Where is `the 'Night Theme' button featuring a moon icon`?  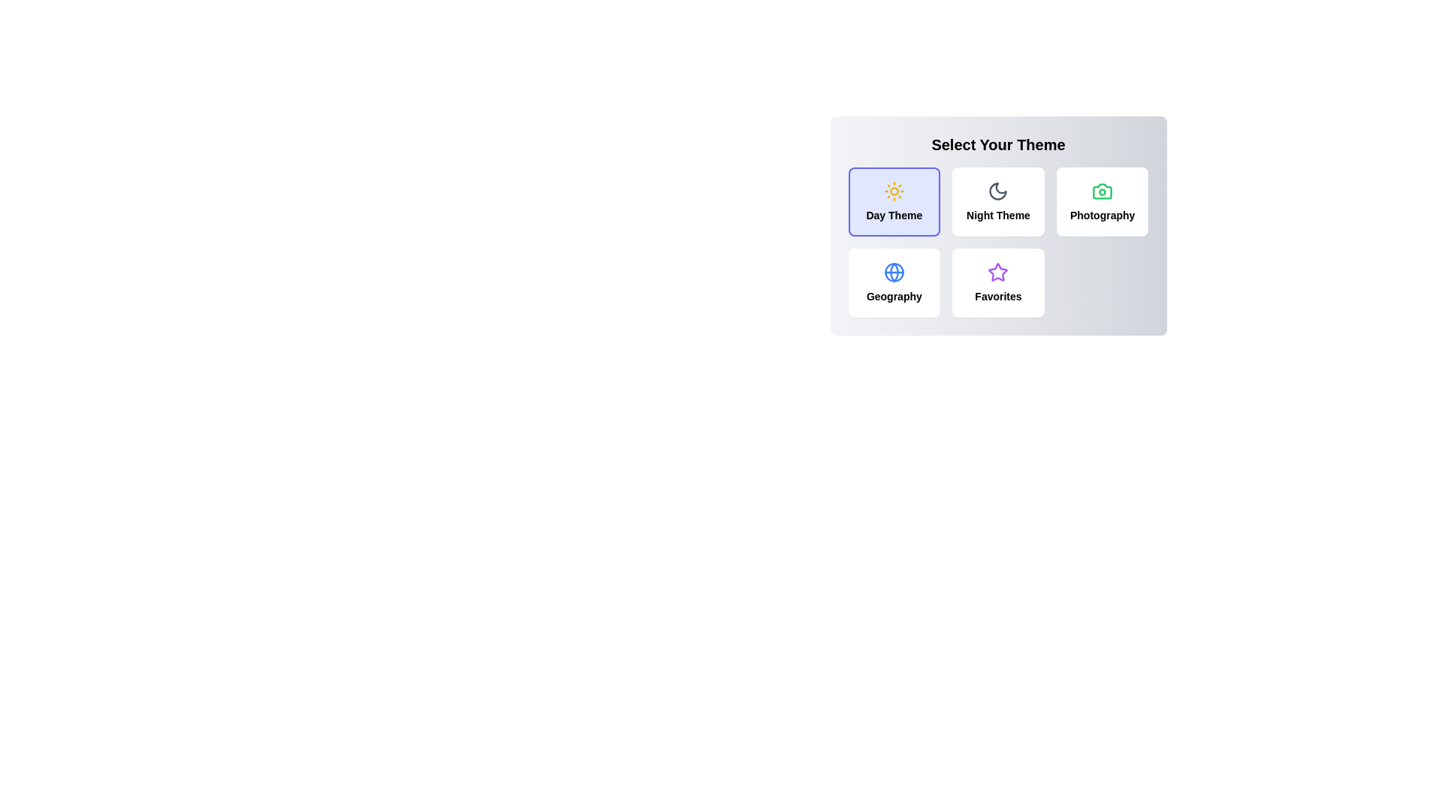 the 'Night Theme' button featuring a moon icon is located at coordinates (998, 201).